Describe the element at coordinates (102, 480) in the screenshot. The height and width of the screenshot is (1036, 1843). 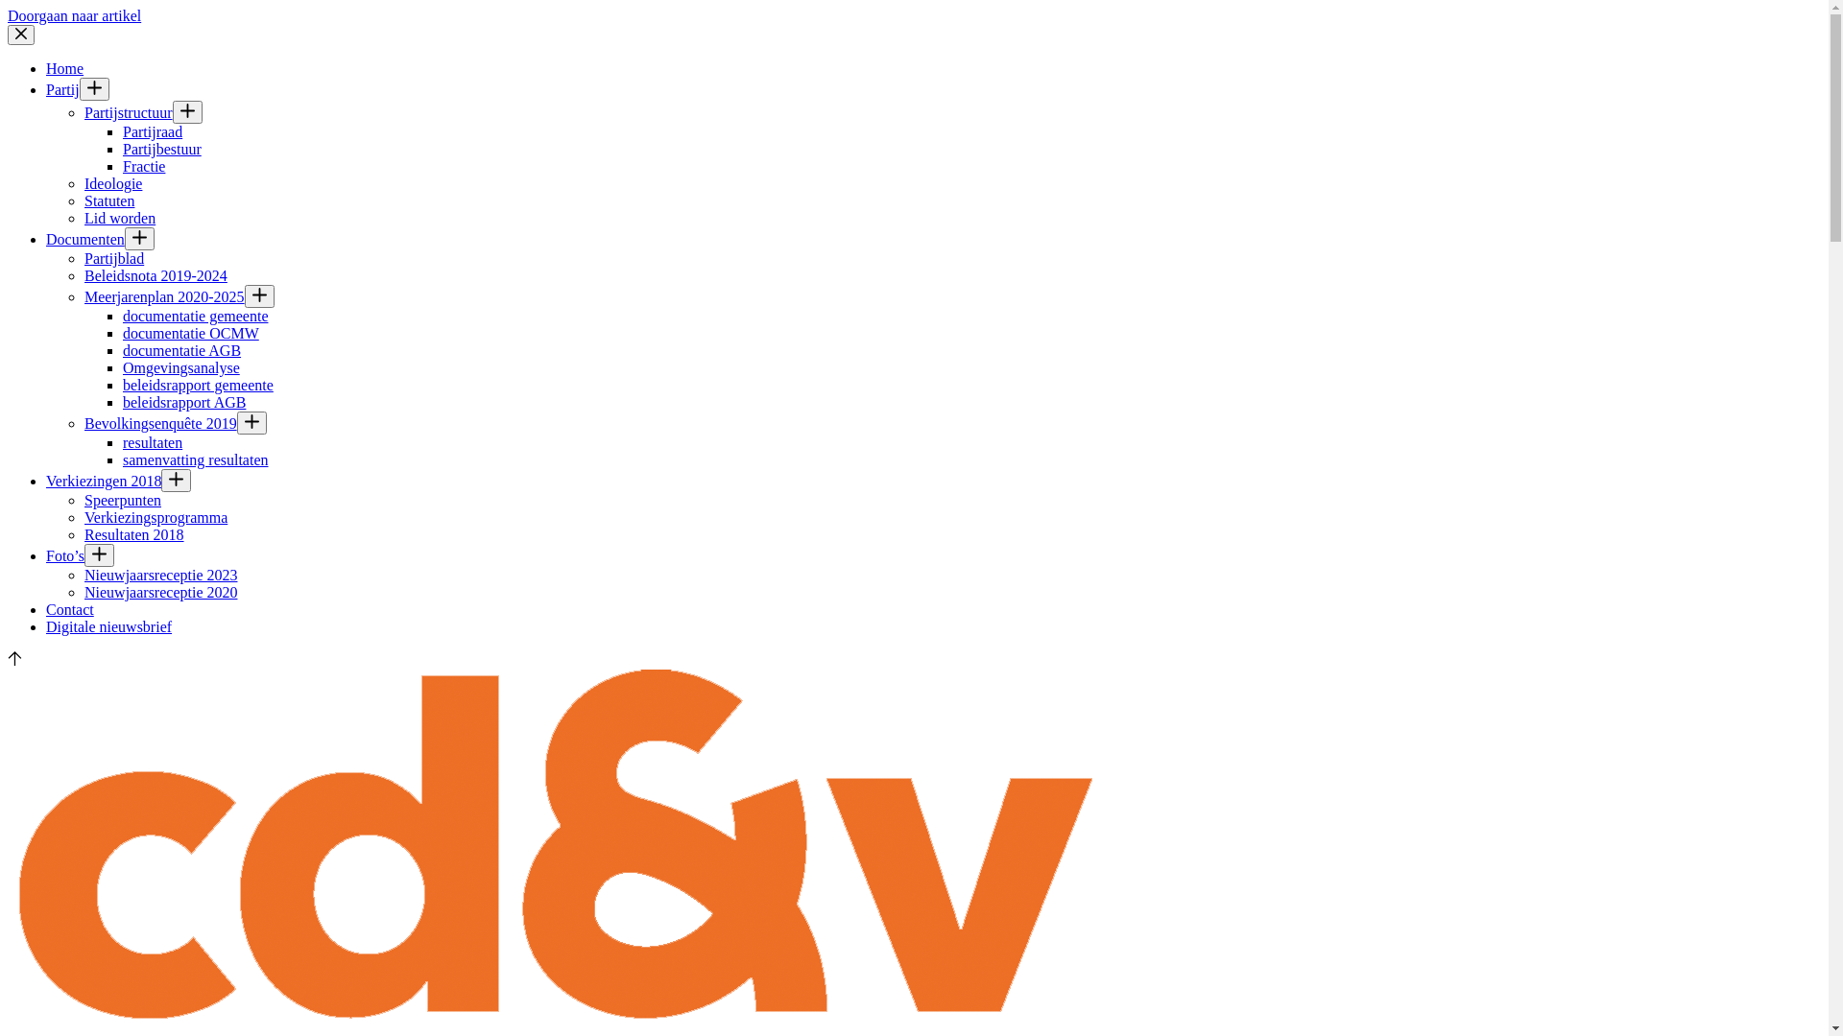
I see `'Verkiezingen 2018'` at that location.